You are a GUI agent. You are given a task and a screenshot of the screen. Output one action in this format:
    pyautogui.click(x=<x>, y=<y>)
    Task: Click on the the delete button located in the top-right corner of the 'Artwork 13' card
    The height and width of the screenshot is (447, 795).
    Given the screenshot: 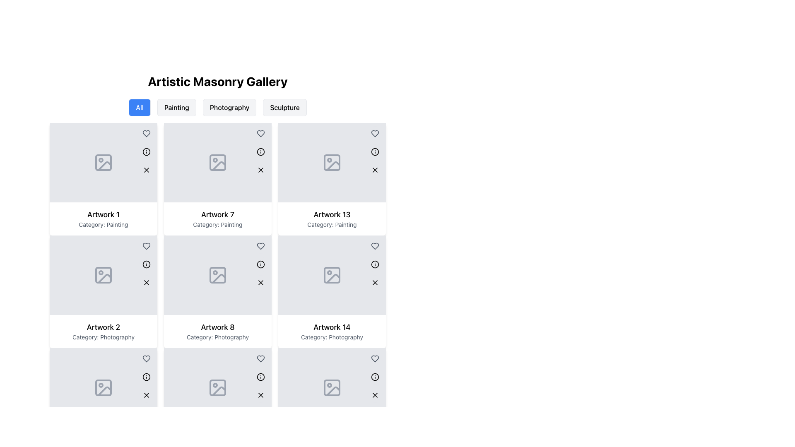 What is the action you would take?
    pyautogui.click(x=375, y=170)
    